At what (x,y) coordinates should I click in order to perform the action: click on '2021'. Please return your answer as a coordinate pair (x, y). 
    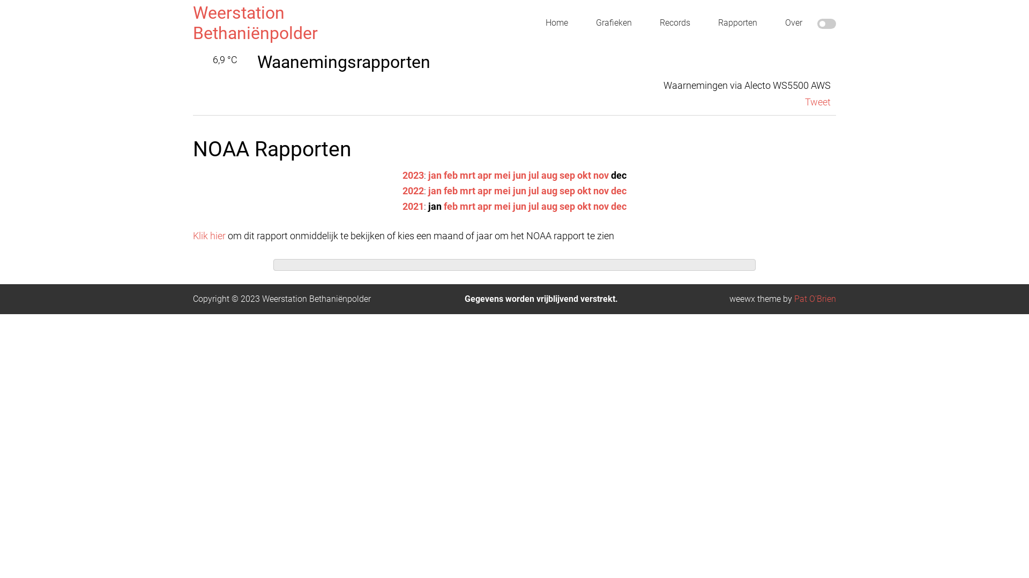
    Looking at the image, I should click on (401, 206).